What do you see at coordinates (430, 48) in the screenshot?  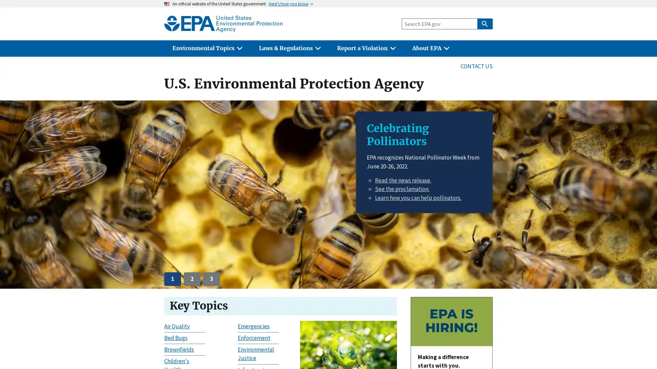 I see `About EPA` at bounding box center [430, 48].